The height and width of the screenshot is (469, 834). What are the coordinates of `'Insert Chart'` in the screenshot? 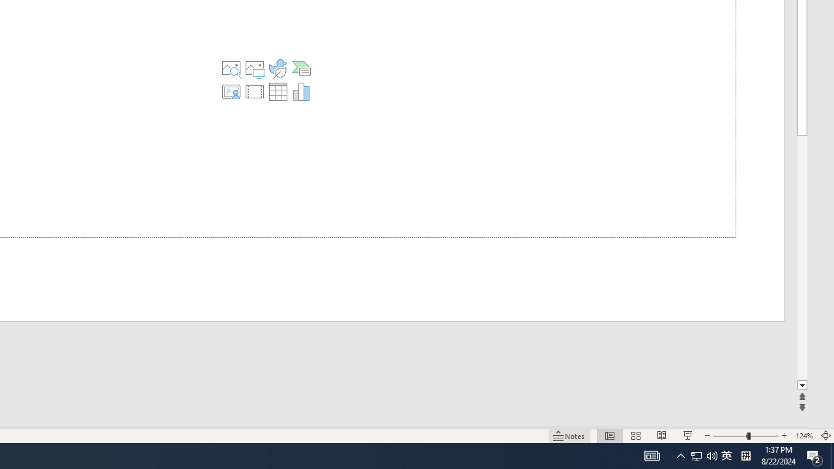 It's located at (300, 91).